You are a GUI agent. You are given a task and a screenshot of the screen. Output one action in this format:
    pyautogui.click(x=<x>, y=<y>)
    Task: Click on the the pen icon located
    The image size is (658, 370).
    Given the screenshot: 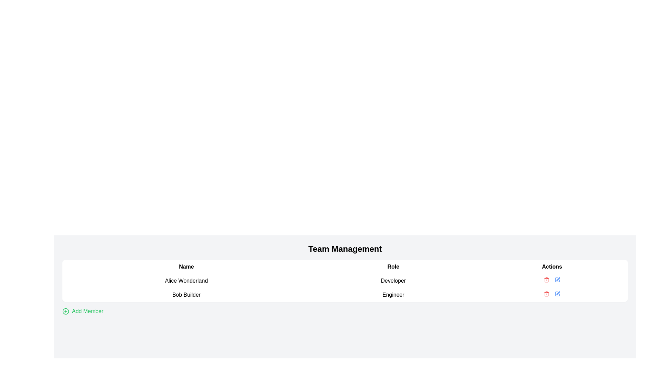 What is the action you would take?
    pyautogui.click(x=558, y=279)
    